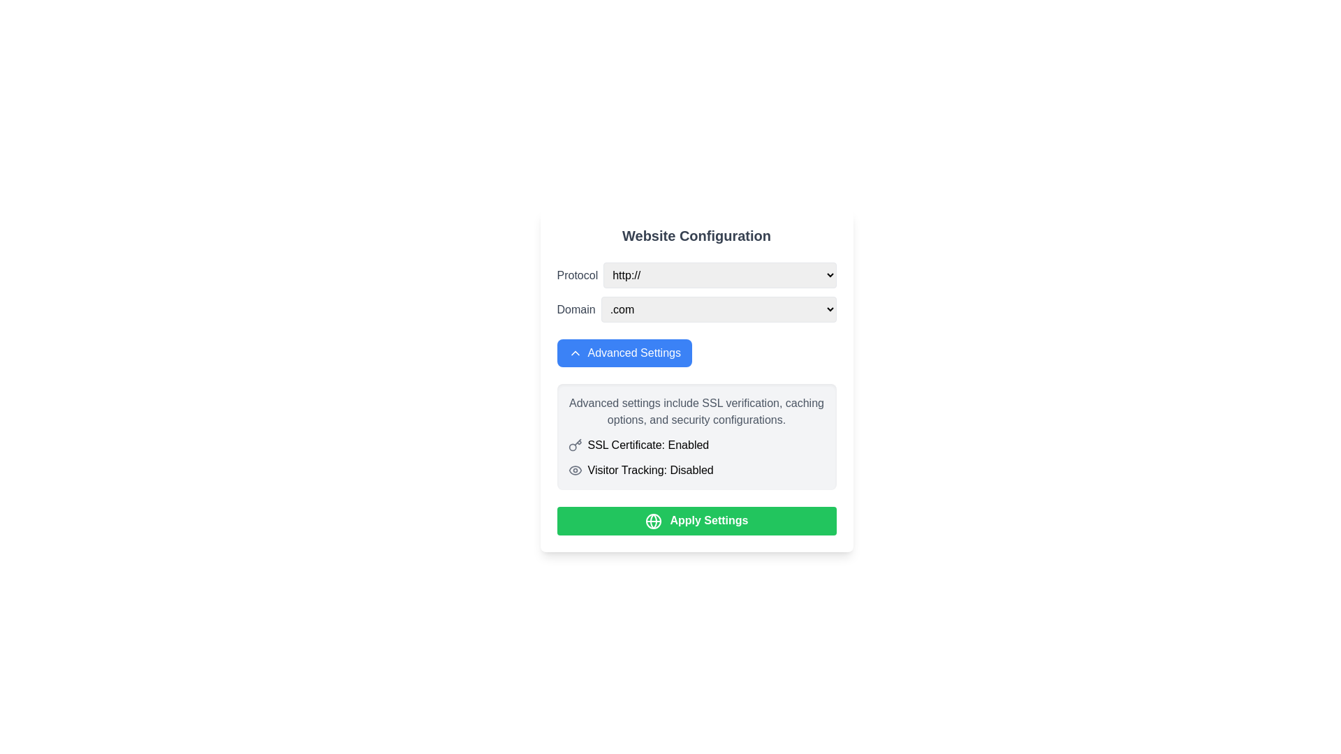 Image resolution: width=1341 pixels, height=754 pixels. What do you see at coordinates (652, 521) in the screenshot?
I see `the 'Apply Settings' button which contains the globe icon with latitude and longitude lines` at bounding box center [652, 521].